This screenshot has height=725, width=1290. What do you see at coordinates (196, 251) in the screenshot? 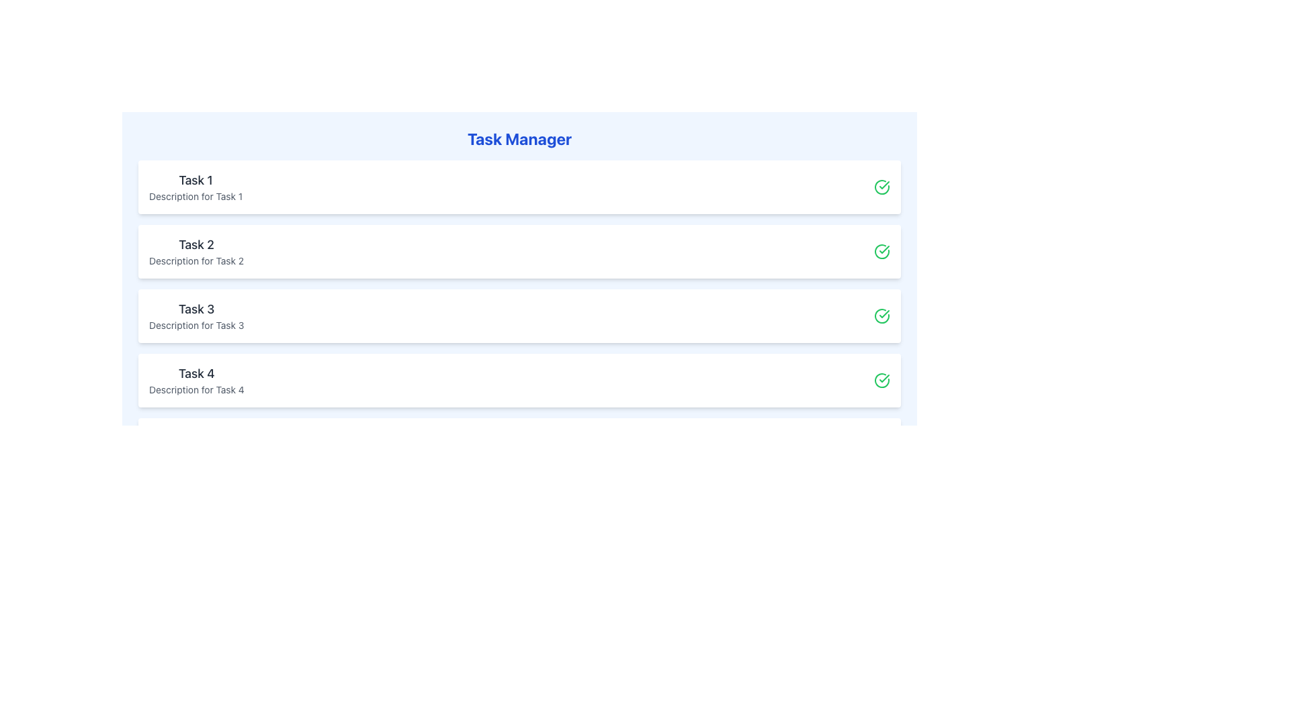
I see `the text block displaying 'Task 2' and its description, which is located within the second card in the vertical list of task cards` at bounding box center [196, 251].